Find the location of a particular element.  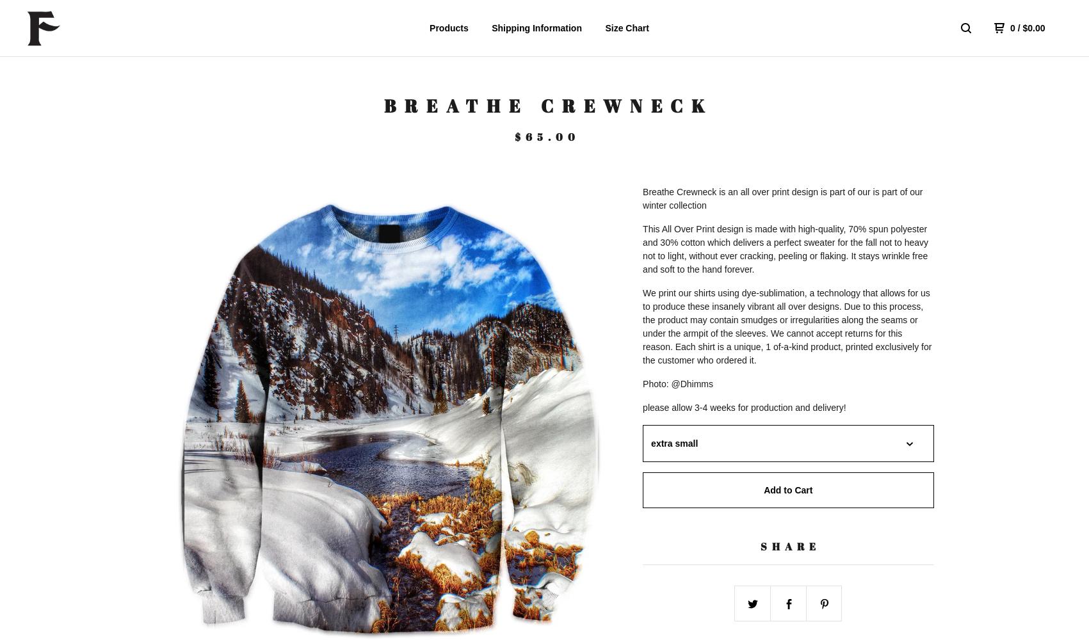

'We print our shirts using dye-sublimation, a technology that allows for us to produce these insanely vibrant all over designs. Due to this process, the product may contain smudges or irregularities along the seams or under the armpit of the sleeves. We cannot accept returns for this reason. Each shirt is a unique, 1 of-a-kind product, printed exclusively for the customer who ordered it.' is located at coordinates (642, 326).